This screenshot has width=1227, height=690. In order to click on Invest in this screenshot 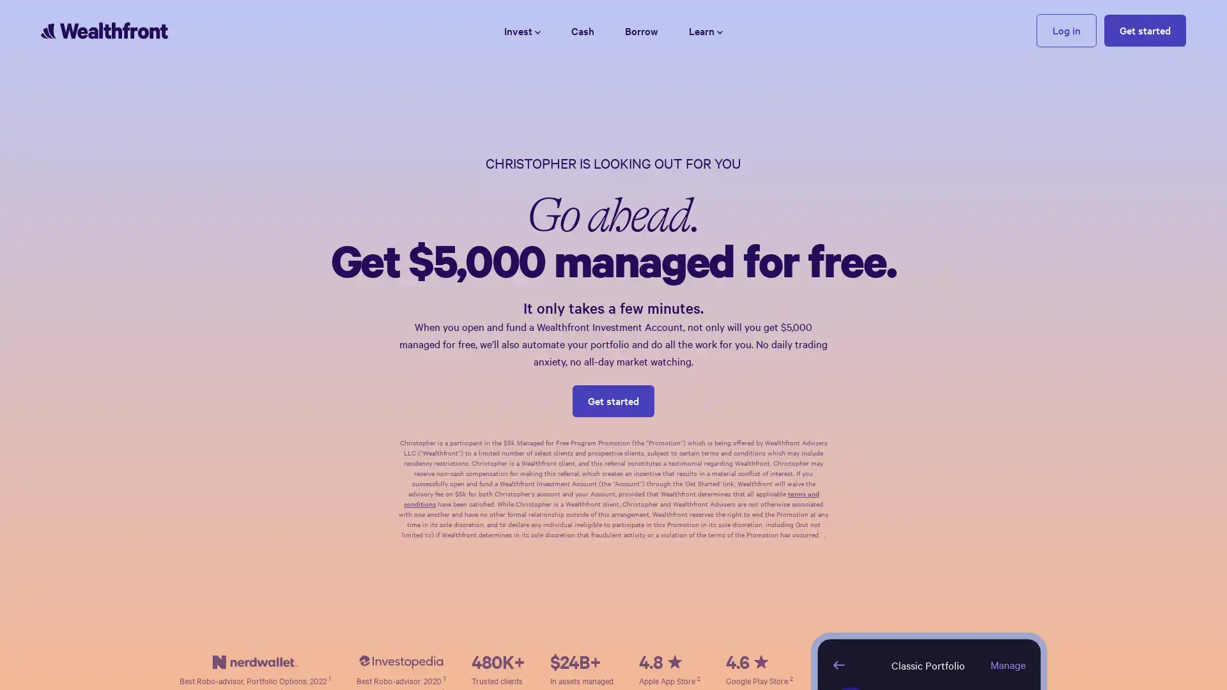, I will do `click(522, 29)`.